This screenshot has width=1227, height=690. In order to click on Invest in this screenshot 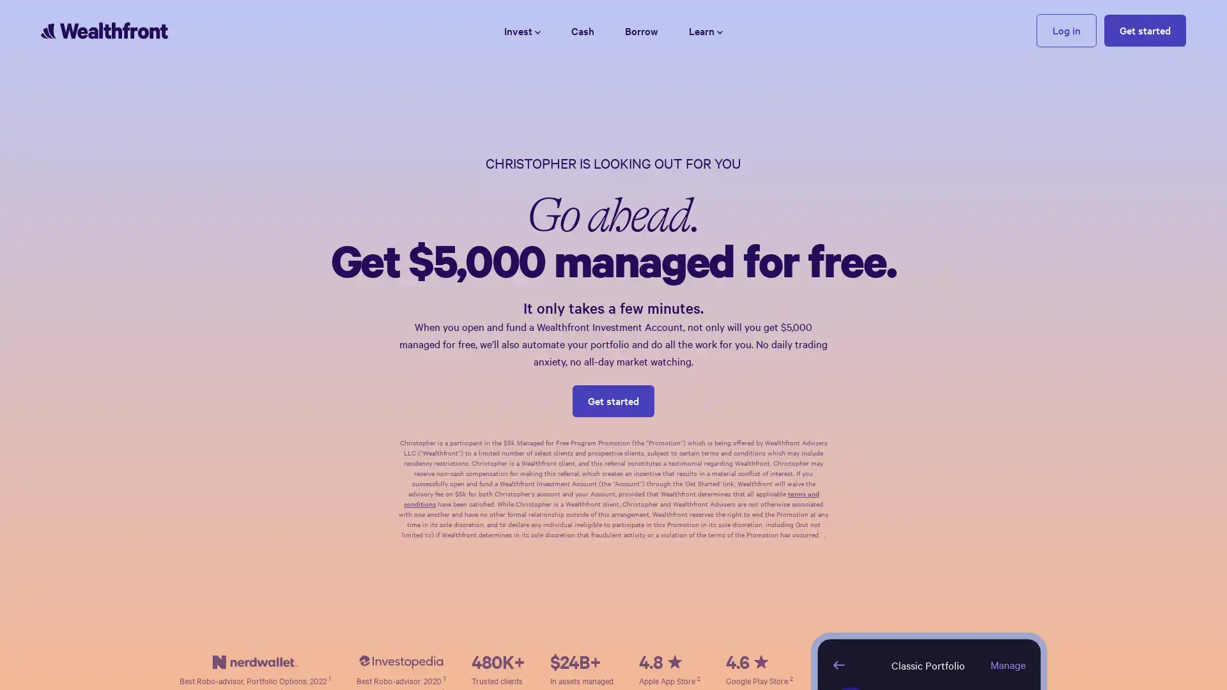, I will do `click(522, 29)`.